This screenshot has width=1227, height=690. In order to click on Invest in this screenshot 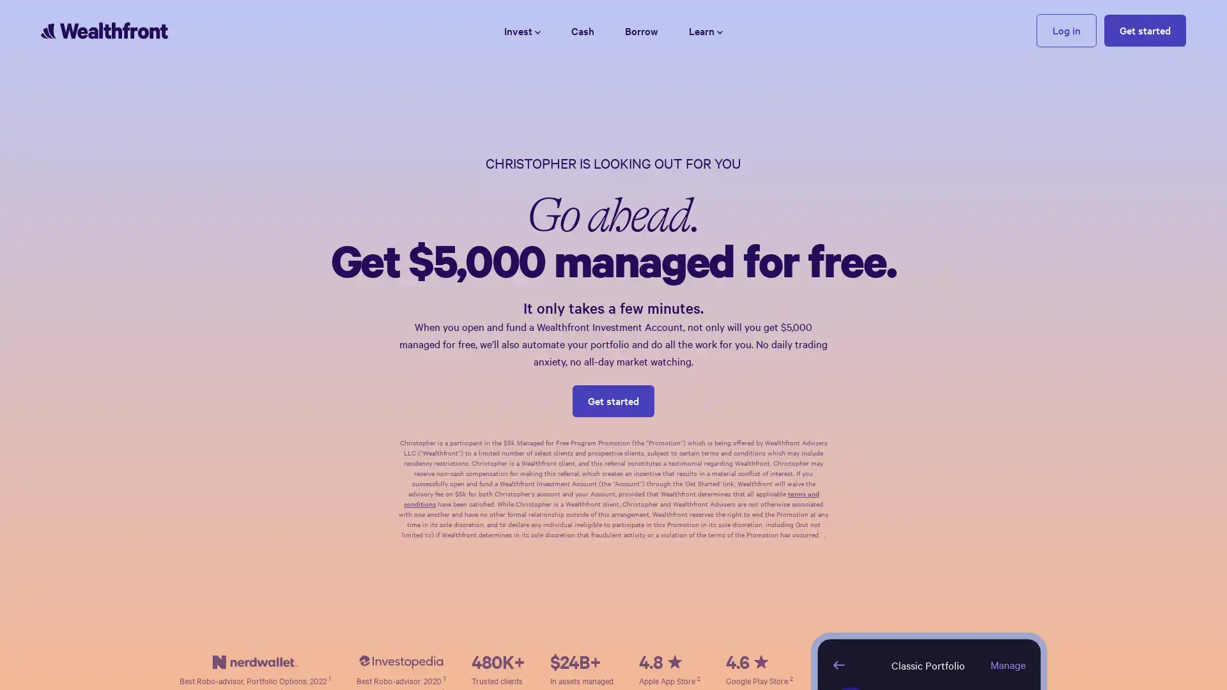, I will do `click(522, 29)`.